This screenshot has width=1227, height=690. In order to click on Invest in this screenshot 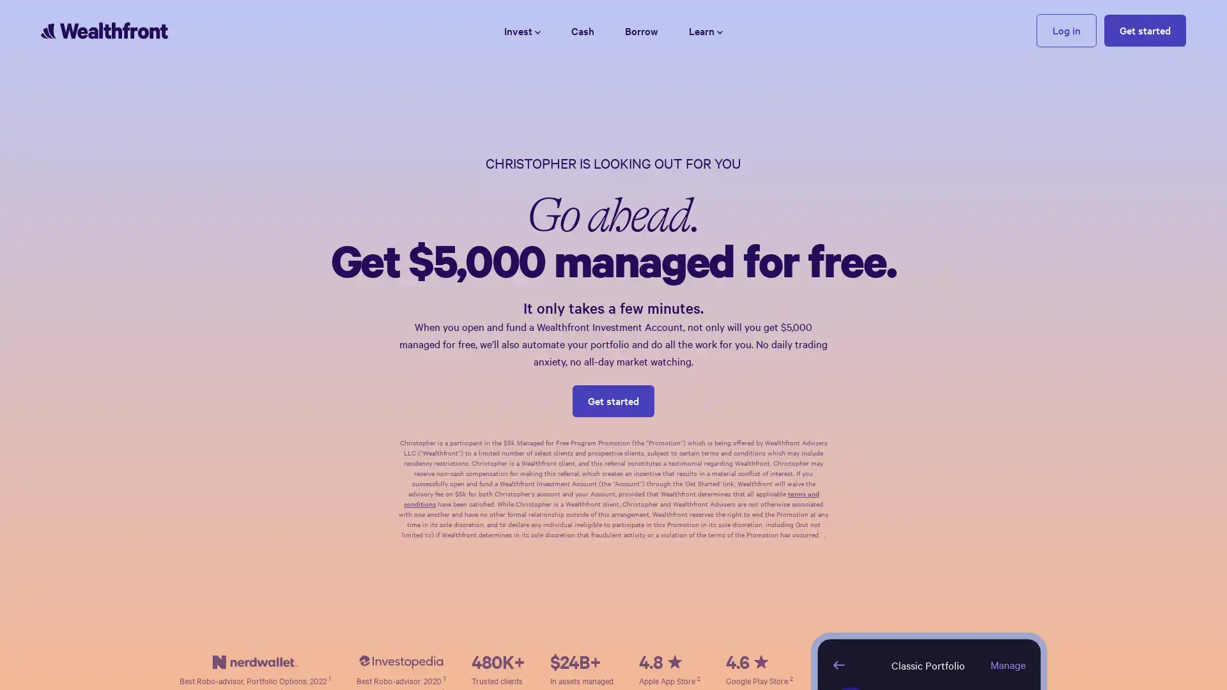, I will do `click(522, 29)`.